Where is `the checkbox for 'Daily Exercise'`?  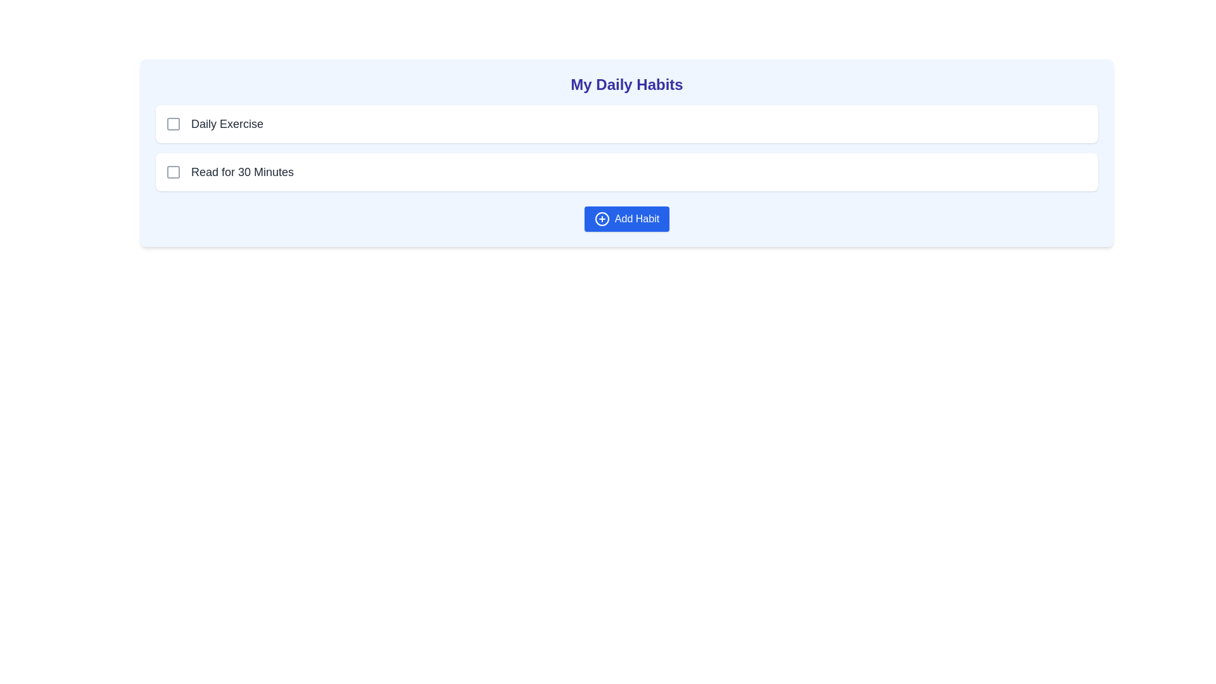
the checkbox for 'Daily Exercise' is located at coordinates (172, 124).